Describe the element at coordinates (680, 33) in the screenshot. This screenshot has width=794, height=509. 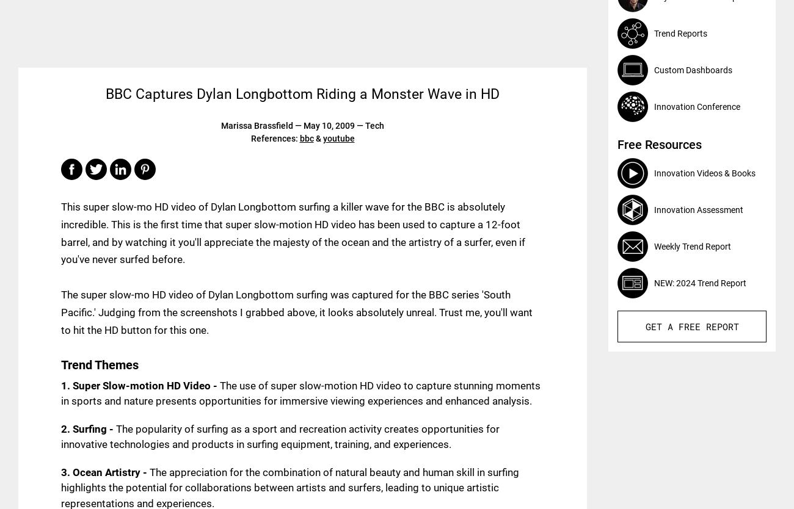
I see `'Trend Reports'` at that location.